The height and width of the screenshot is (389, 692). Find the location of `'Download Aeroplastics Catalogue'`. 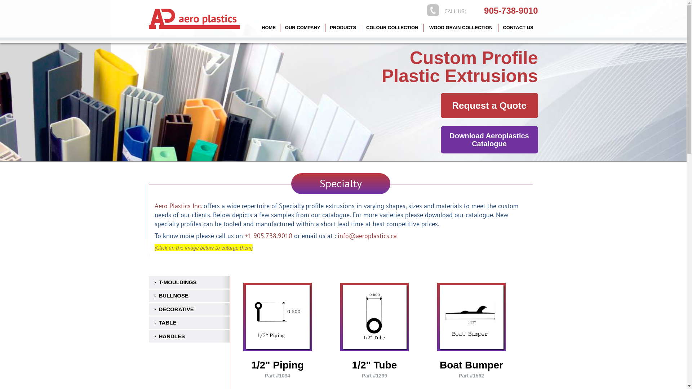

'Download Aeroplastics Catalogue' is located at coordinates (440, 140).